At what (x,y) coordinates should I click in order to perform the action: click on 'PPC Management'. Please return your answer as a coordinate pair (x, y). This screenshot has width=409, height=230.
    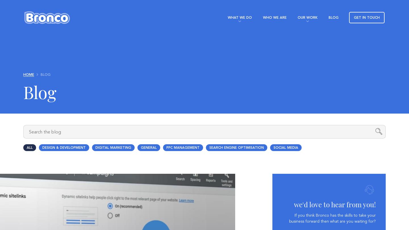
    Looking at the image, I should click on (182, 148).